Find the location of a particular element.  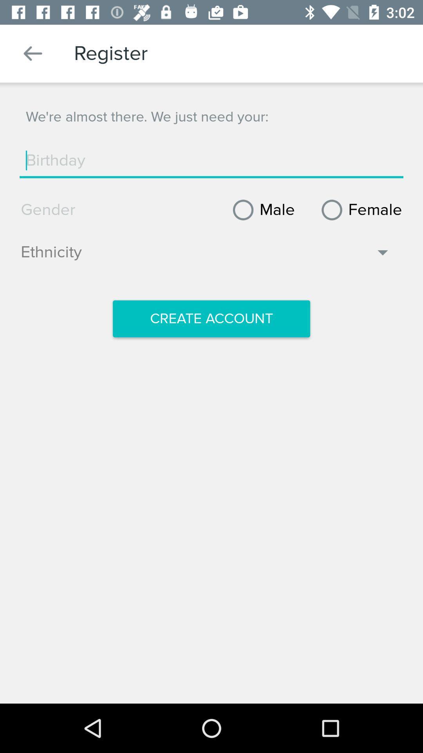

app to the left of the register is located at coordinates (33, 53).